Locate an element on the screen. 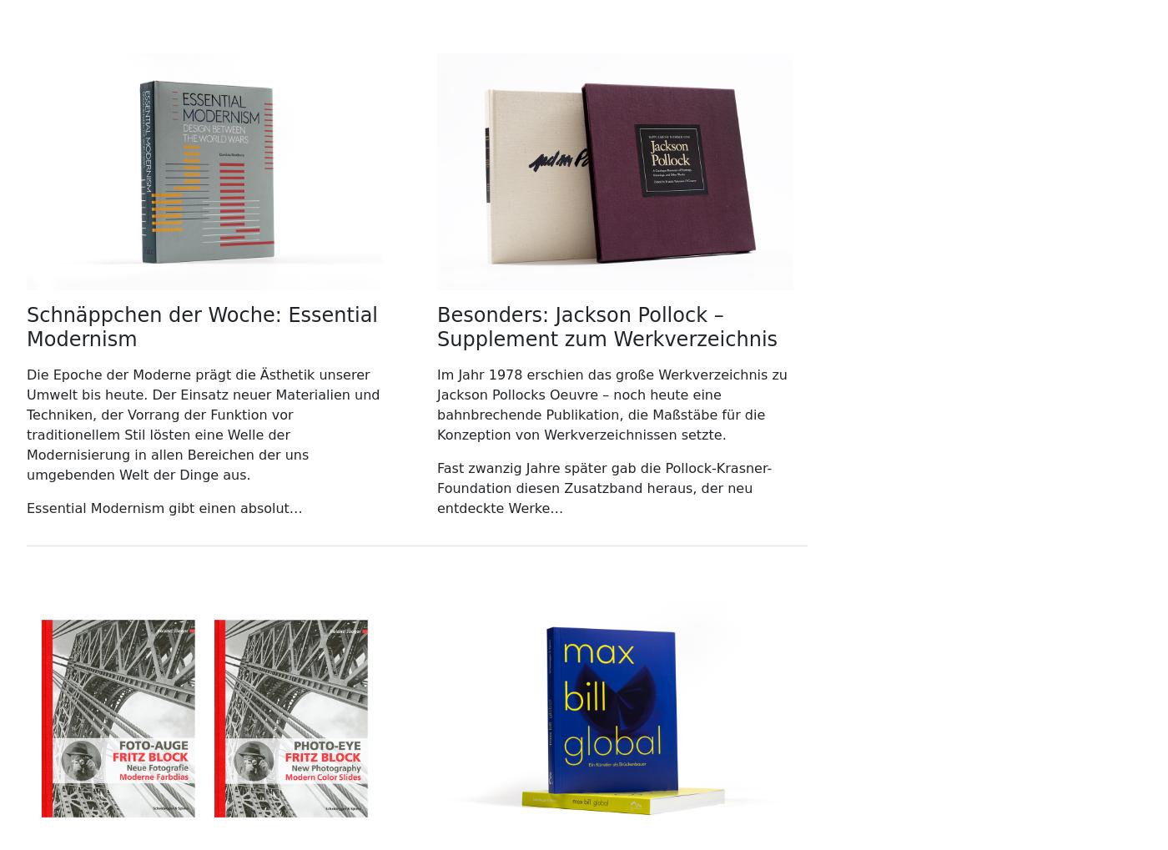  'The Ultimate Cartoon Book of Book Cartoons' is located at coordinates (316, 68).